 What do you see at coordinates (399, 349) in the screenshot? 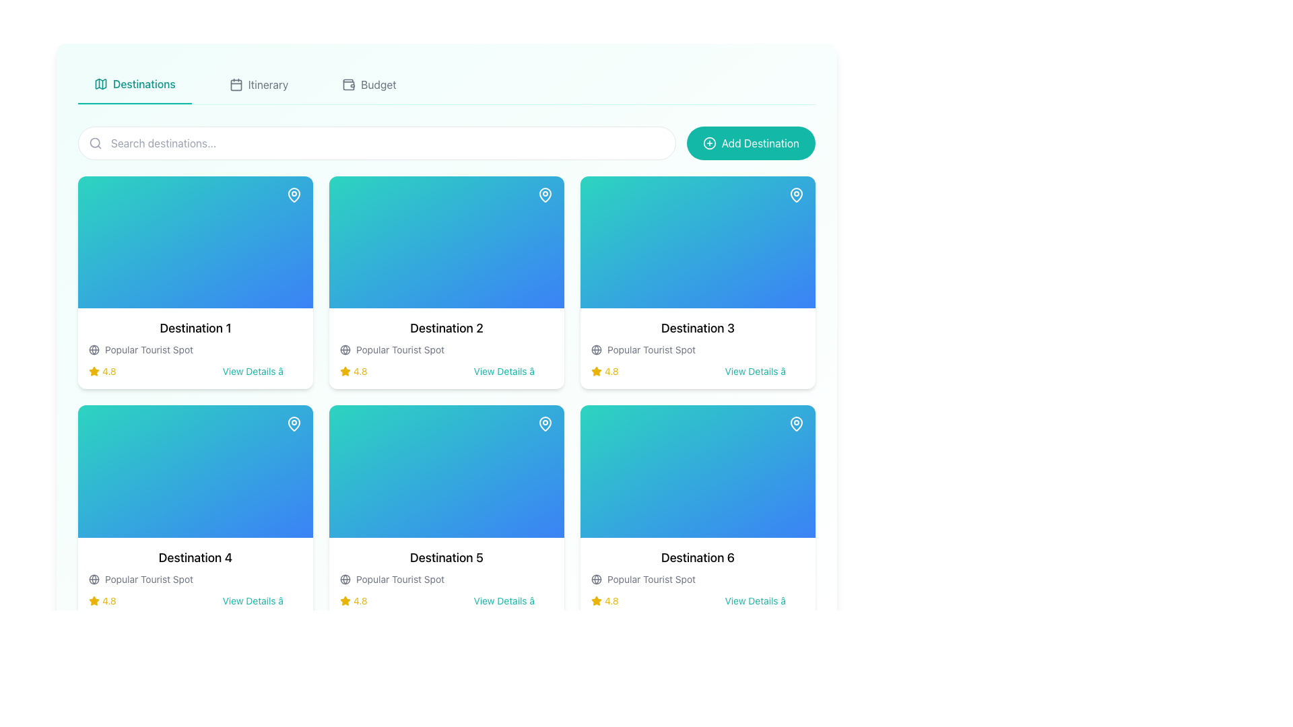
I see `text label located in the second column of the top row of destination cards, specifically under the card titled 'Destination 2'` at bounding box center [399, 349].